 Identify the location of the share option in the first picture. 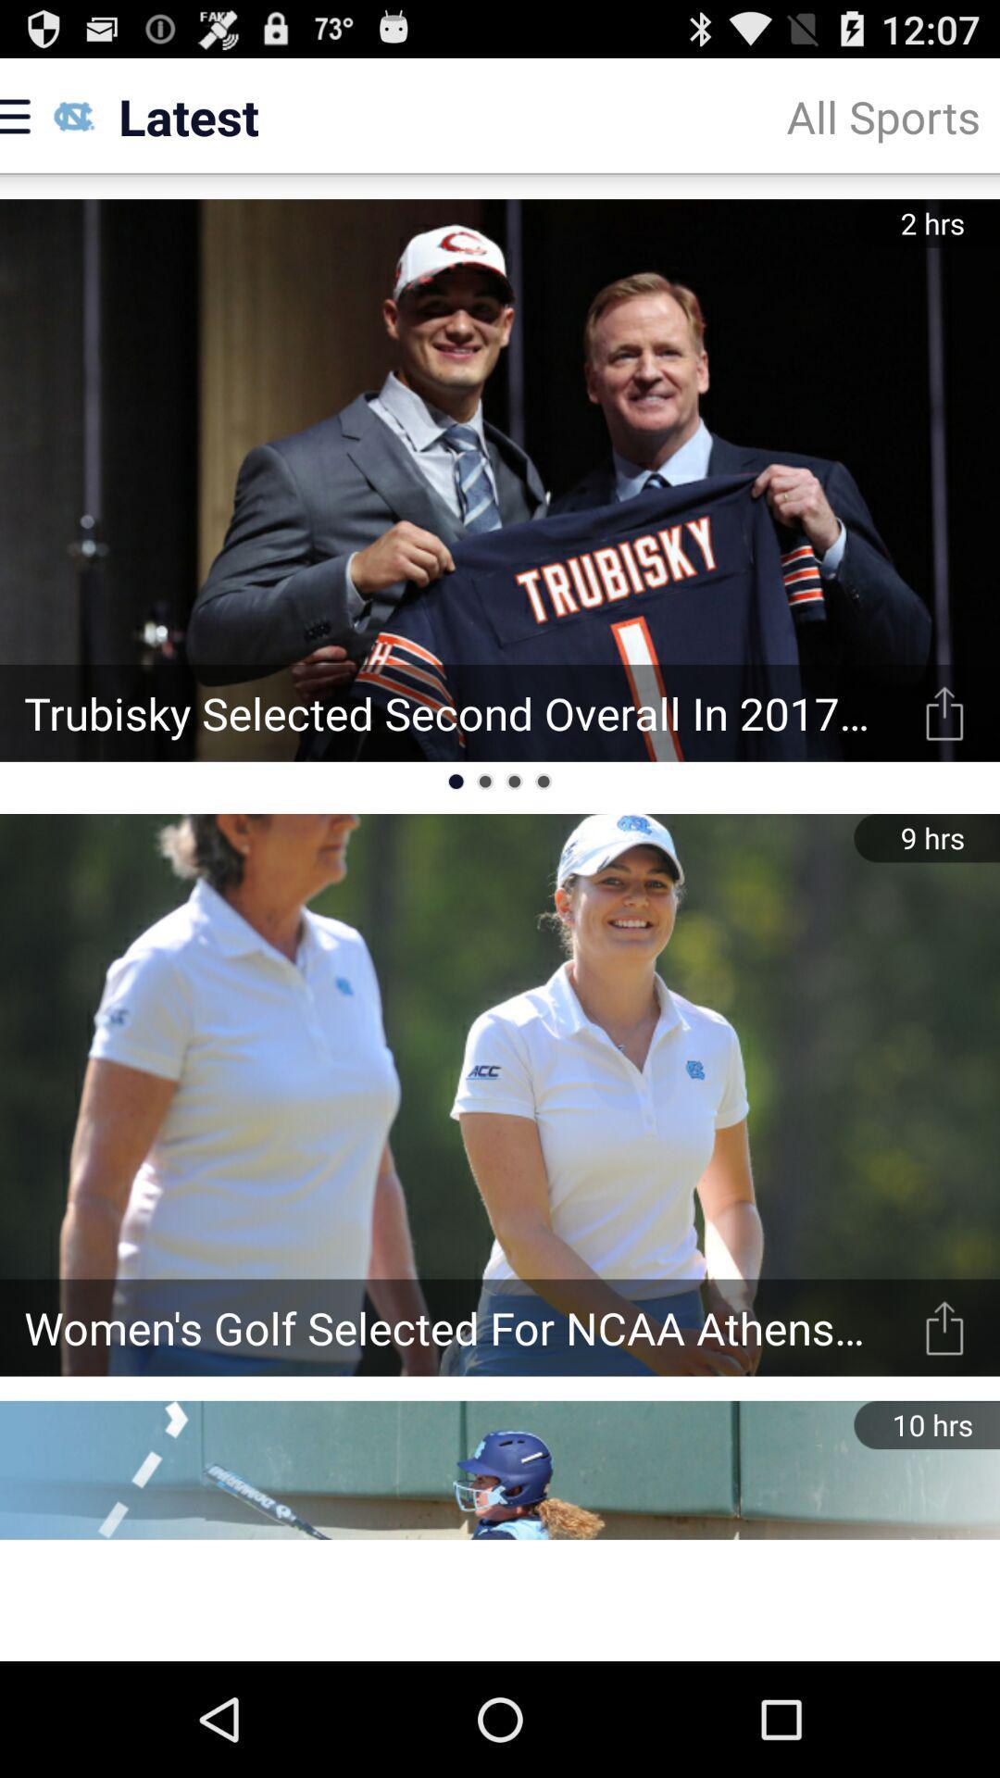
(944, 712).